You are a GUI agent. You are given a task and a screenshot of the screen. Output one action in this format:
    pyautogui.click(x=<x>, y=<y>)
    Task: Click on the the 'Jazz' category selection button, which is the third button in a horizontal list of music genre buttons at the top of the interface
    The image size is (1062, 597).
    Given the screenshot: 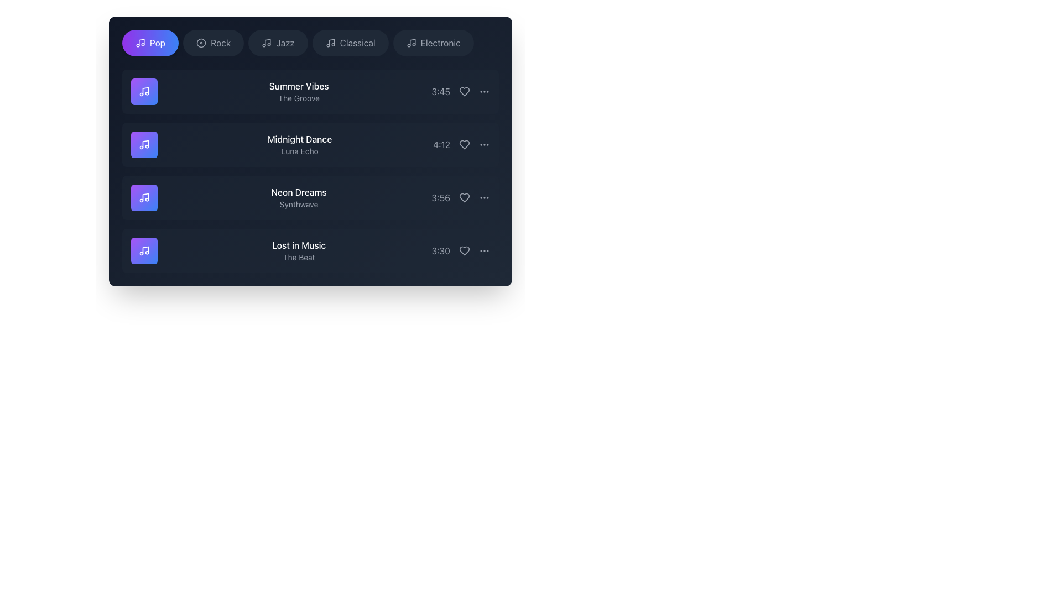 What is the action you would take?
    pyautogui.click(x=278, y=42)
    